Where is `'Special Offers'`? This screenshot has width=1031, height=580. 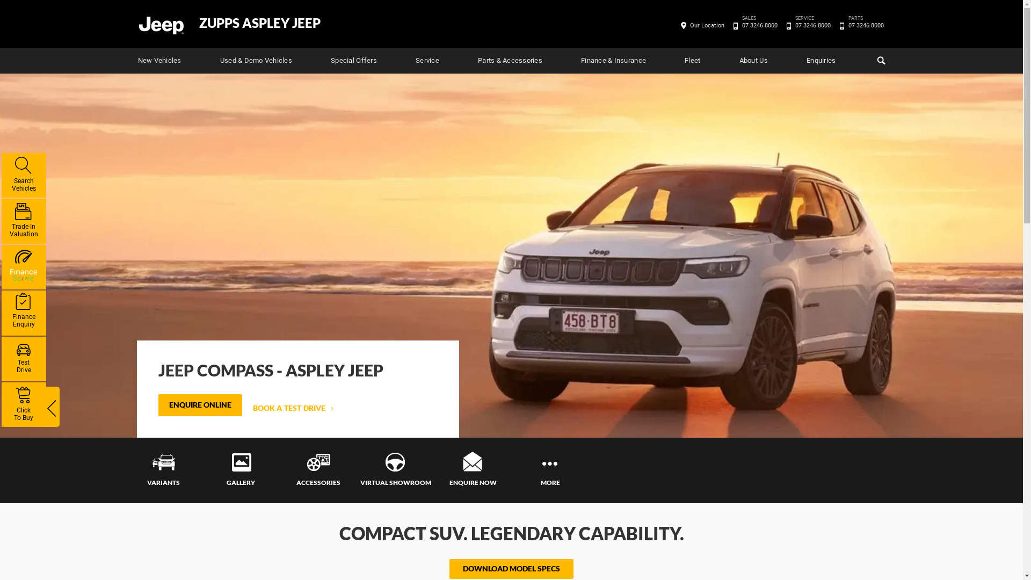 'Special Offers' is located at coordinates (353, 60).